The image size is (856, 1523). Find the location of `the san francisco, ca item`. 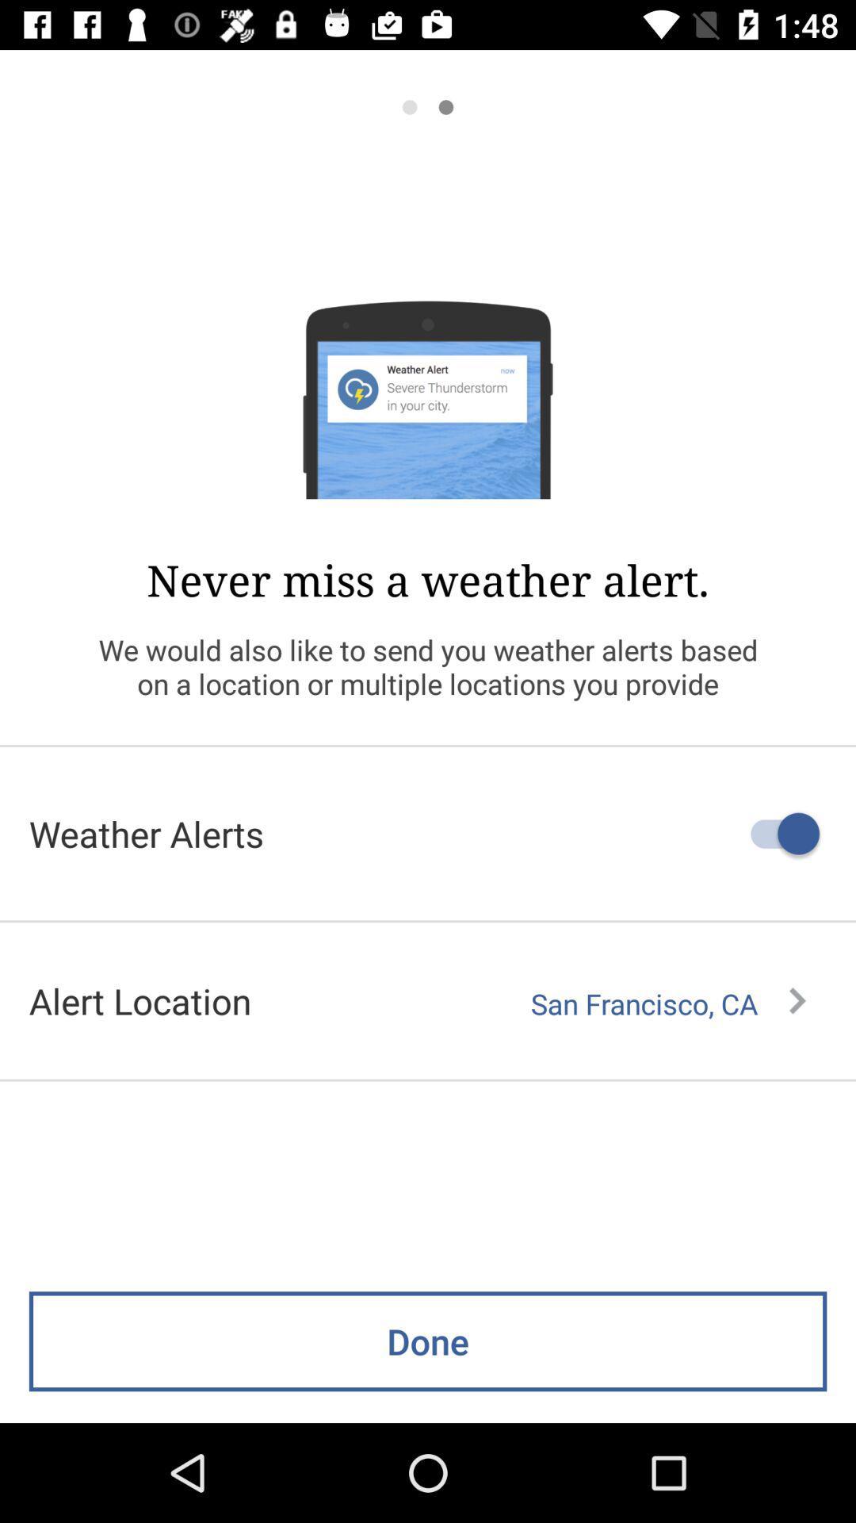

the san francisco, ca item is located at coordinates (668, 1003).